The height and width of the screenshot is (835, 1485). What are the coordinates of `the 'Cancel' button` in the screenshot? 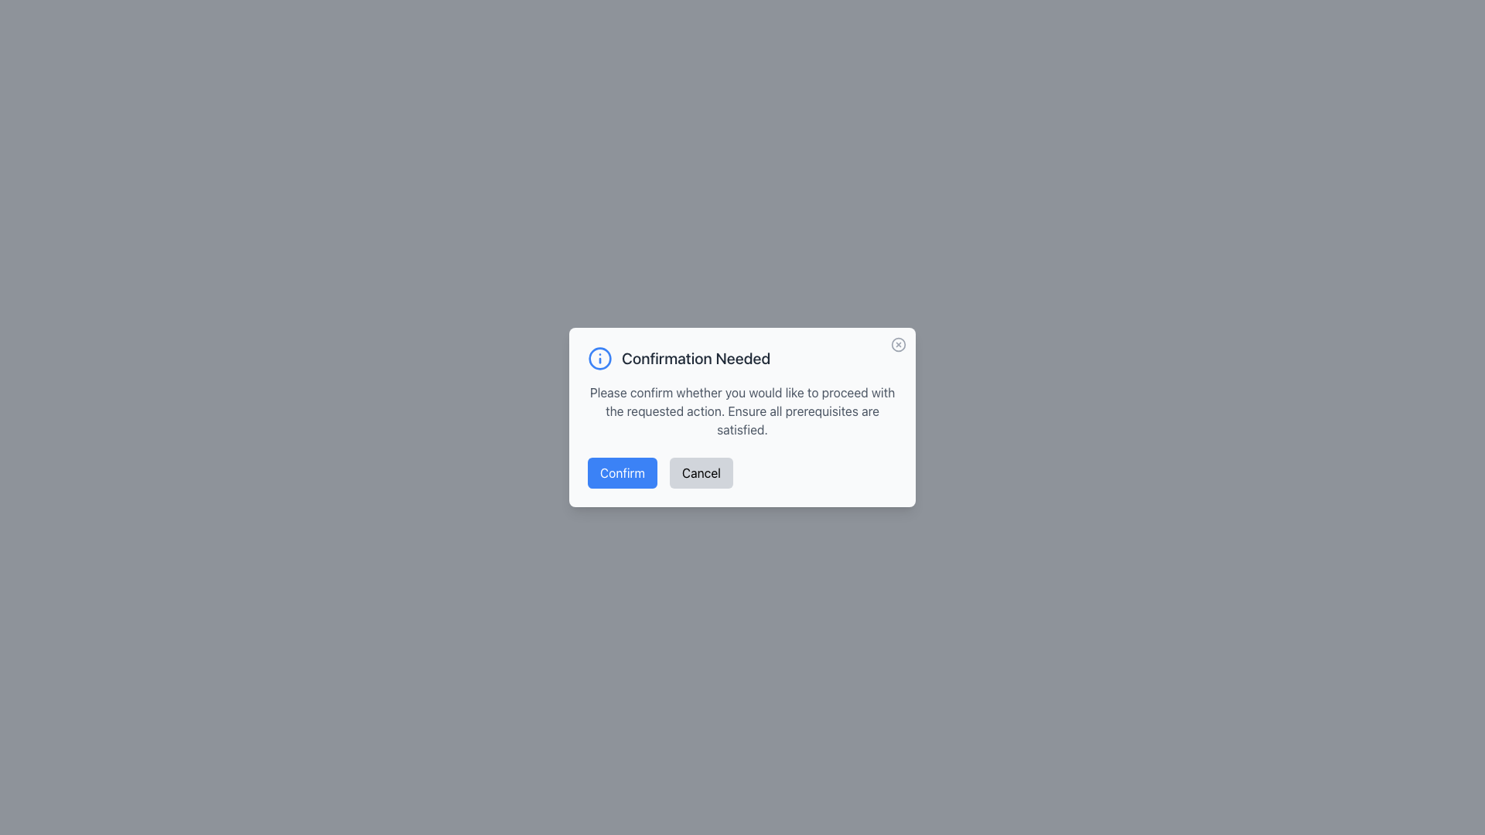 It's located at (700, 472).